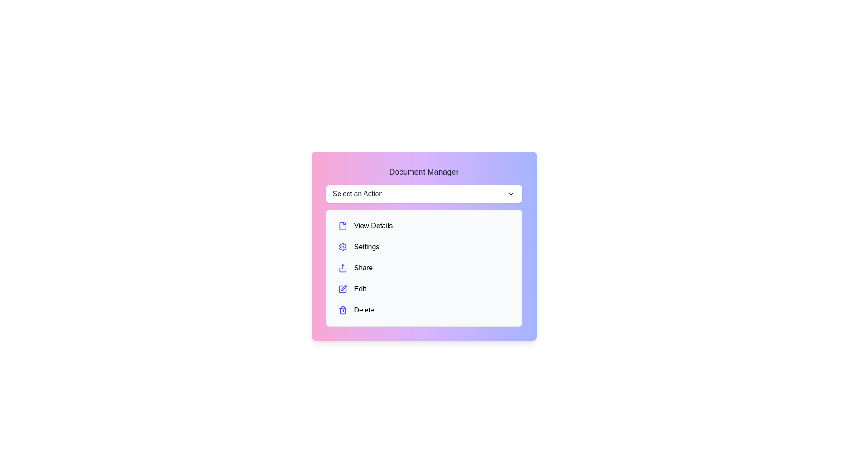 The image size is (843, 474). I want to click on the 'Edit' action icon located at the bottom-left of the icon group to initiate the editing process for an item, so click(343, 288).